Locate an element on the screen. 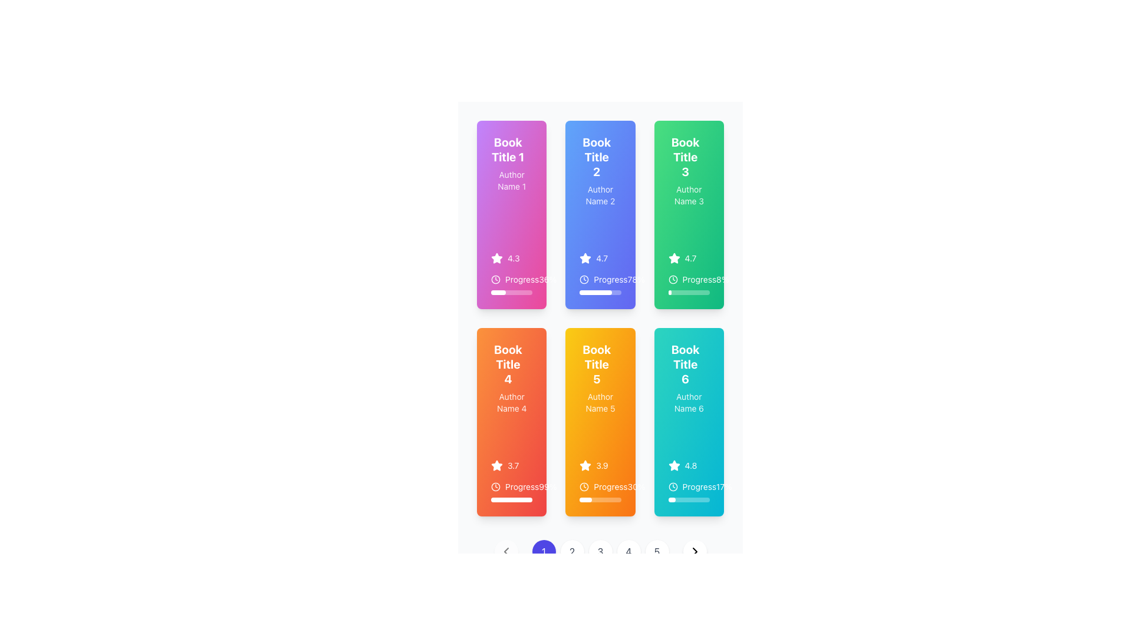 This screenshot has height=636, width=1132. the text label displaying 'Book Title 6' which is styled in bold and located within a teal card interface in the third column of the second row is located at coordinates (689, 366).